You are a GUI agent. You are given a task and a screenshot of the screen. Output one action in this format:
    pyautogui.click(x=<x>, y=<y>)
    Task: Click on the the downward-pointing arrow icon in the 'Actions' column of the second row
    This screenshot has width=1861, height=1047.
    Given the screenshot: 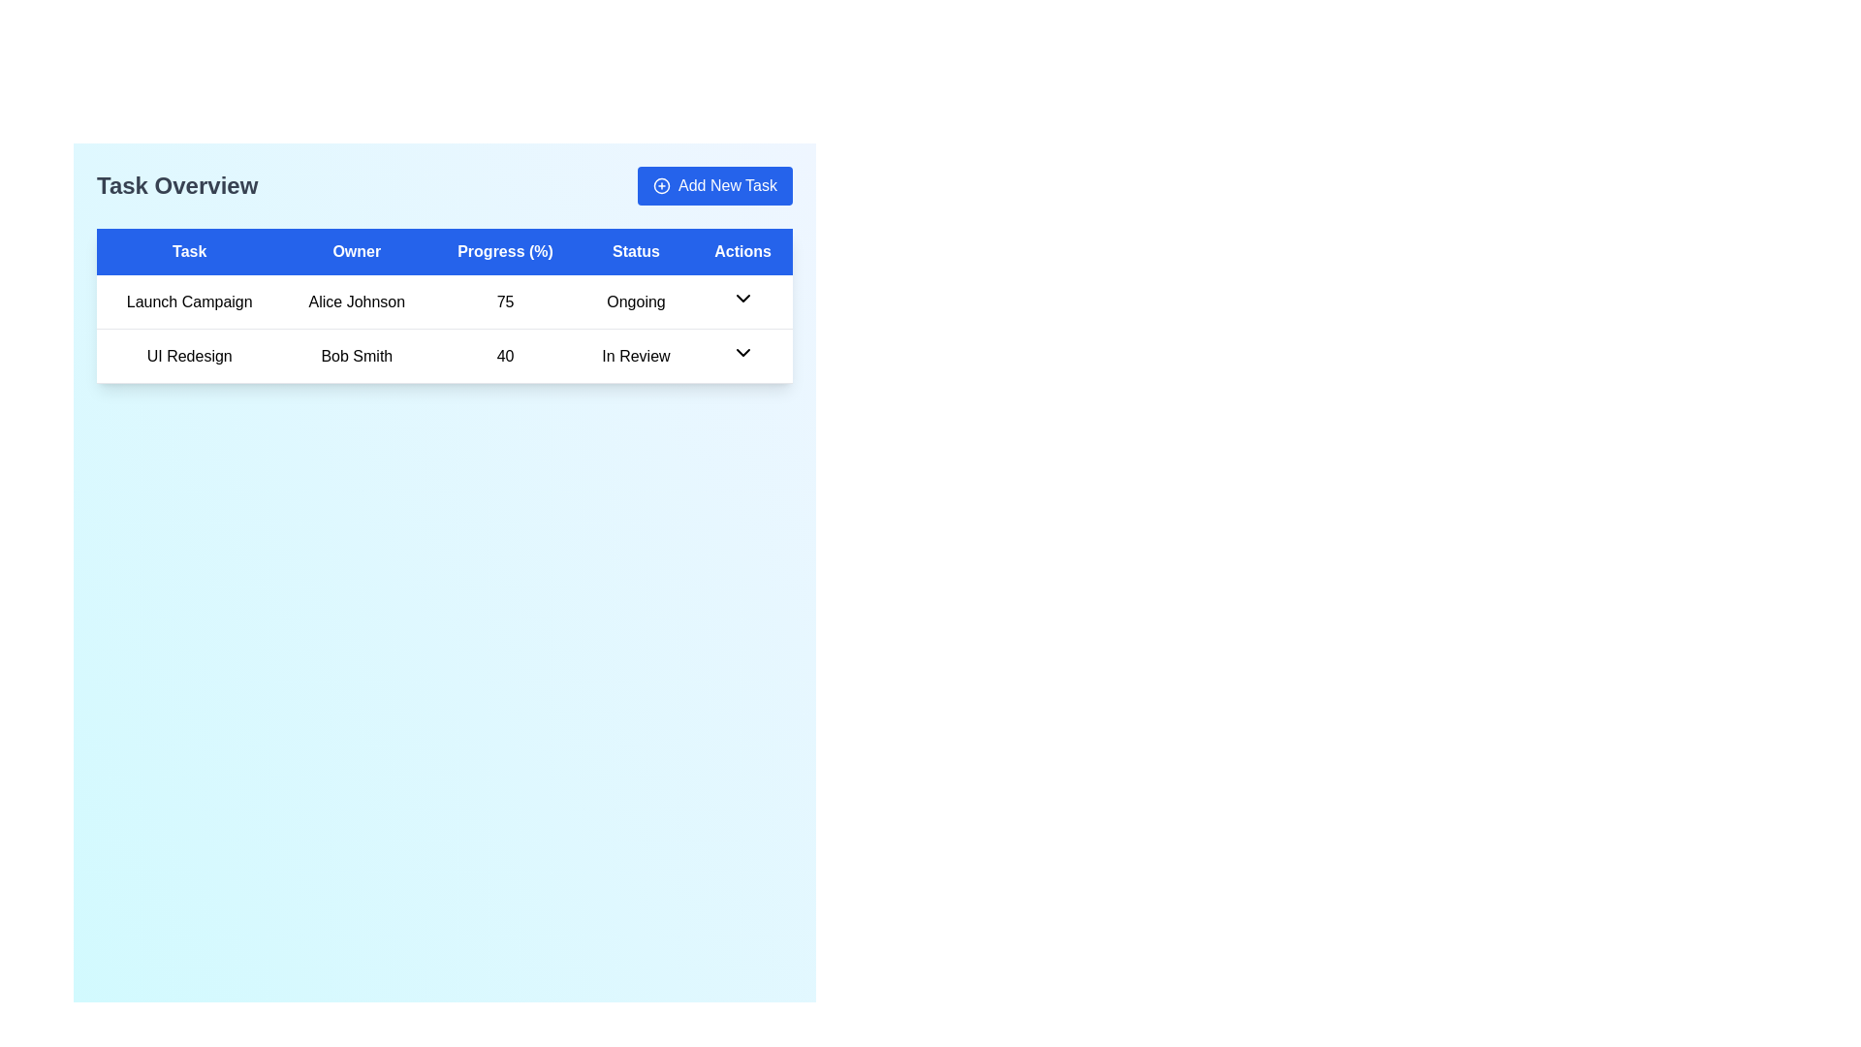 What is the action you would take?
    pyautogui.click(x=741, y=356)
    